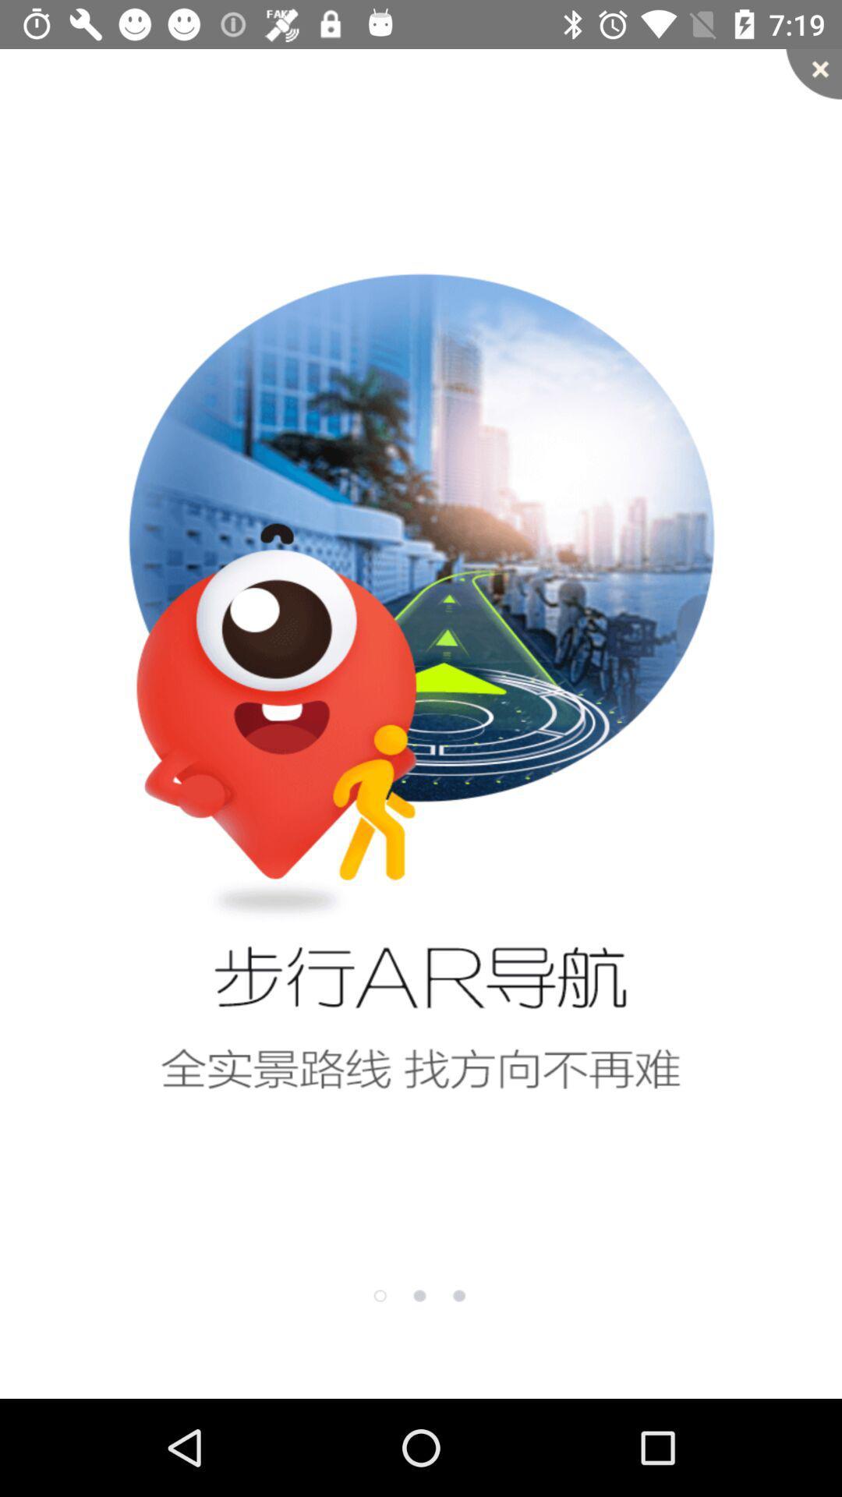  Describe the element at coordinates (813, 73) in the screenshot. I see `the close icon` at that location.